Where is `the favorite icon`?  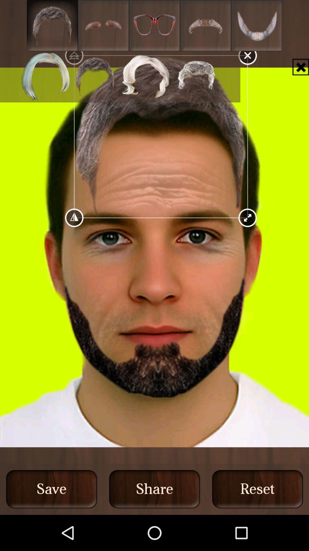 the favorite icon is located at coordinates (154, 27).